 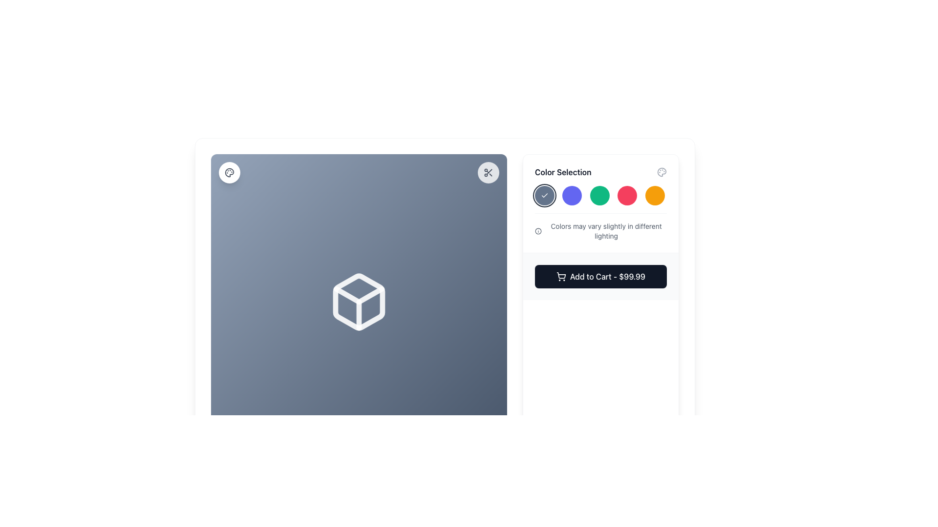 I want to click on the fourth circular icon with a red background in the color selection set, so click(x=627, y=196).